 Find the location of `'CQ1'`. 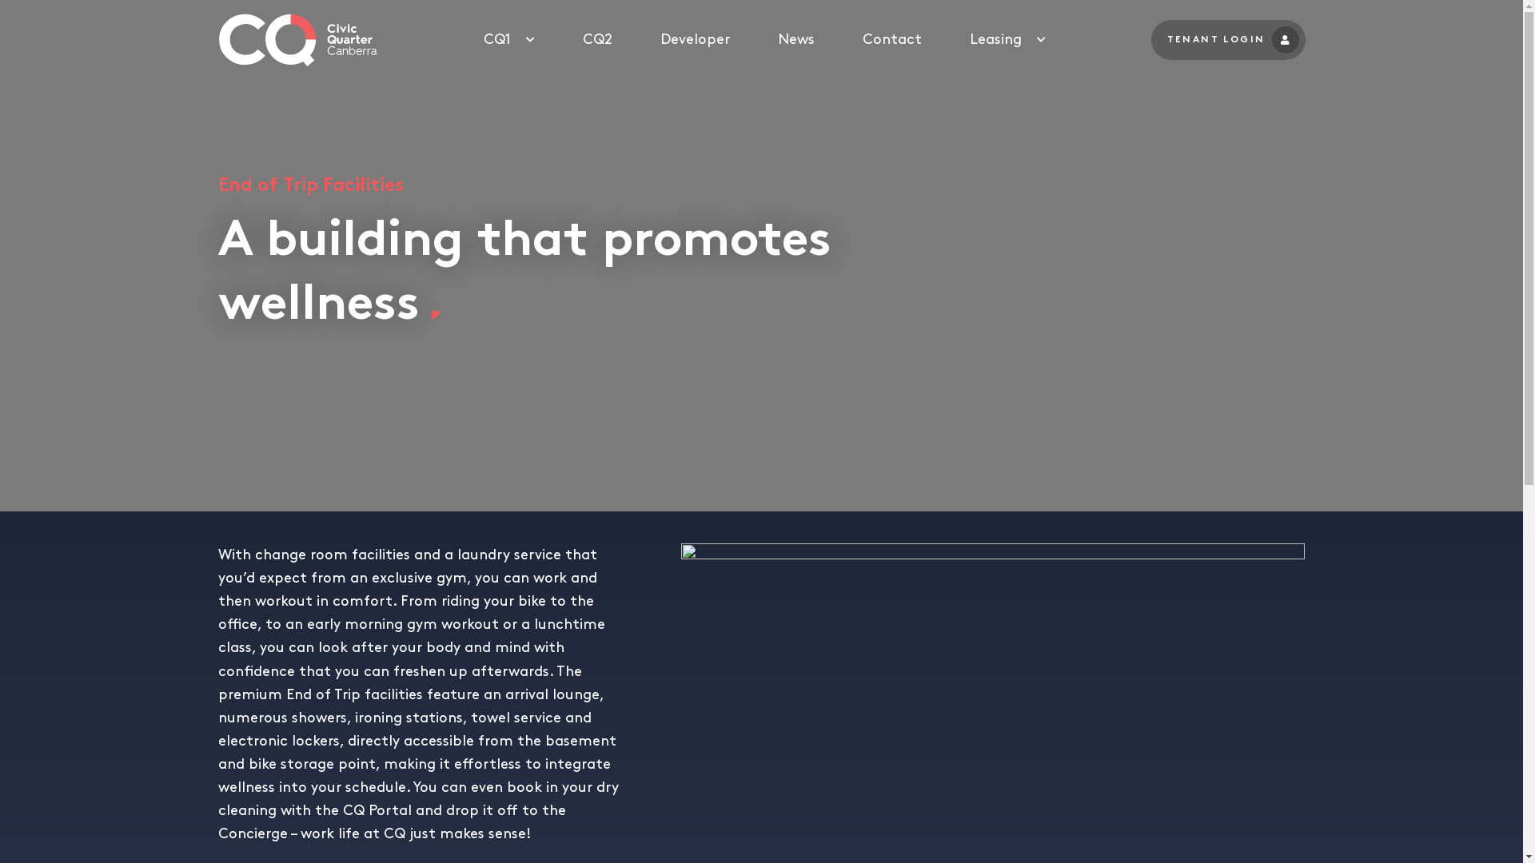

'CQ1' is located at coordinates (496, 39).